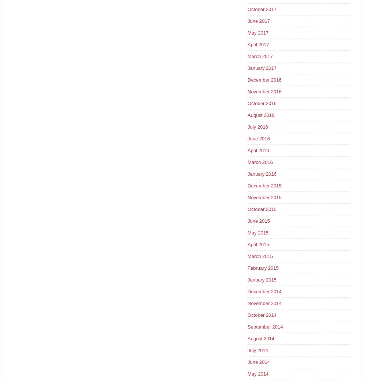 This screenshot has width=378, height=380. Describe the element at coordinates (261, 315) in the screenshot. I see `'October 2014'` at that location.